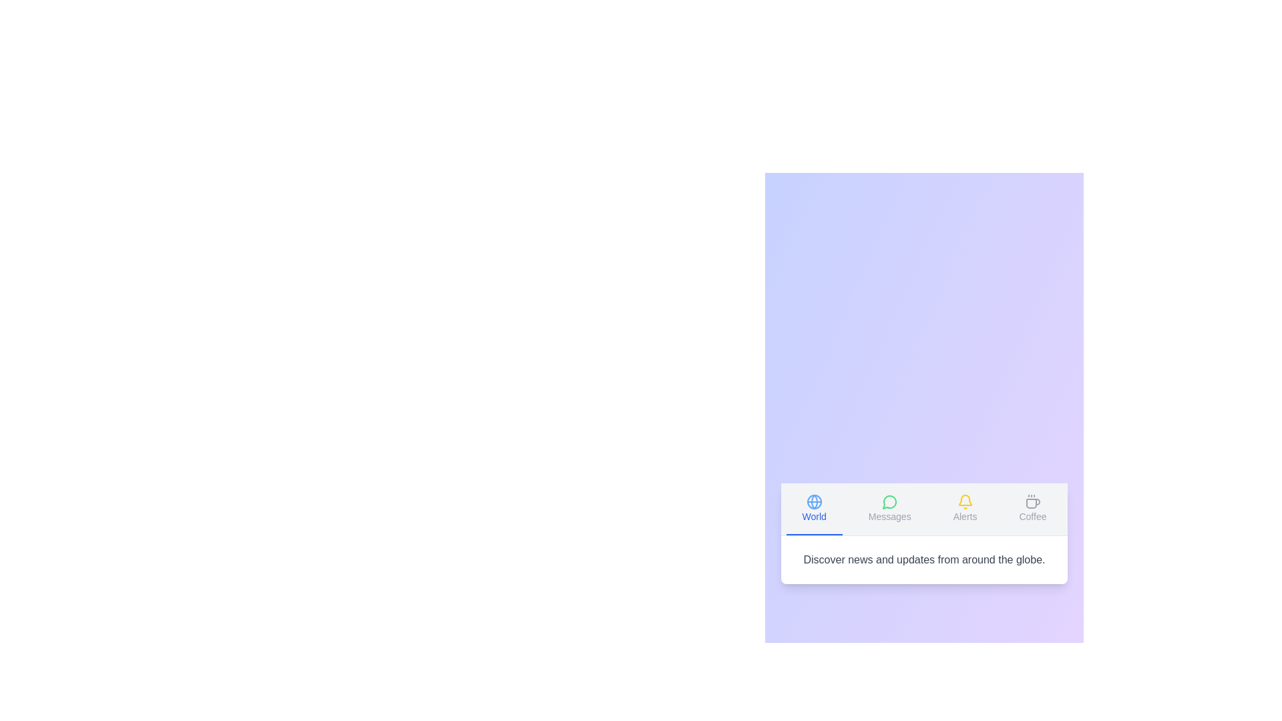 Image resolution: width=1282 pixels, height=721 pixels. What do you see at coordinates (1032, 509) in the screenshot?
I see `the tab labeled 'Coffee' to view its content` at bounding box center [1032, 509].